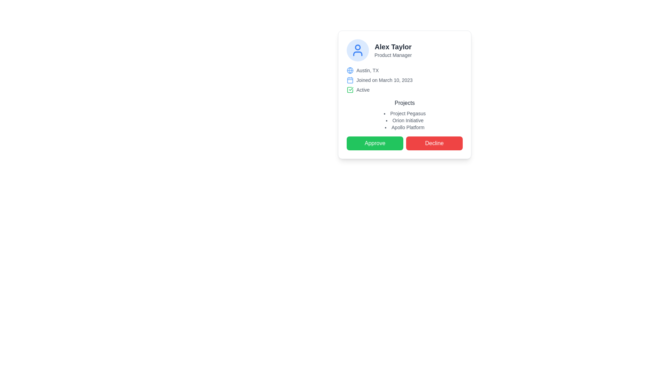  I want to click on the green square-shaped outline icon that signifies a checked or approved state, located to the left of the 'Active' status text label, so click(350, 89).